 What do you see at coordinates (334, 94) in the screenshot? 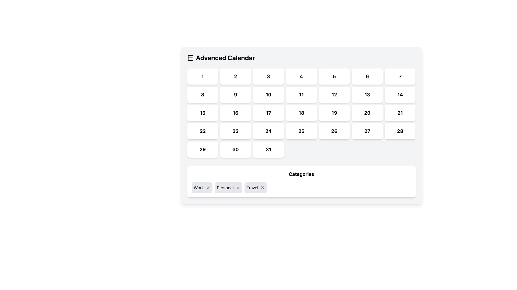
I see `the non-interactive text element displaying the day number '12' in the calendar grid under 'Advanced Calendar', which is visually highlighted among adjacent cells` at bounding box center [334, 94].